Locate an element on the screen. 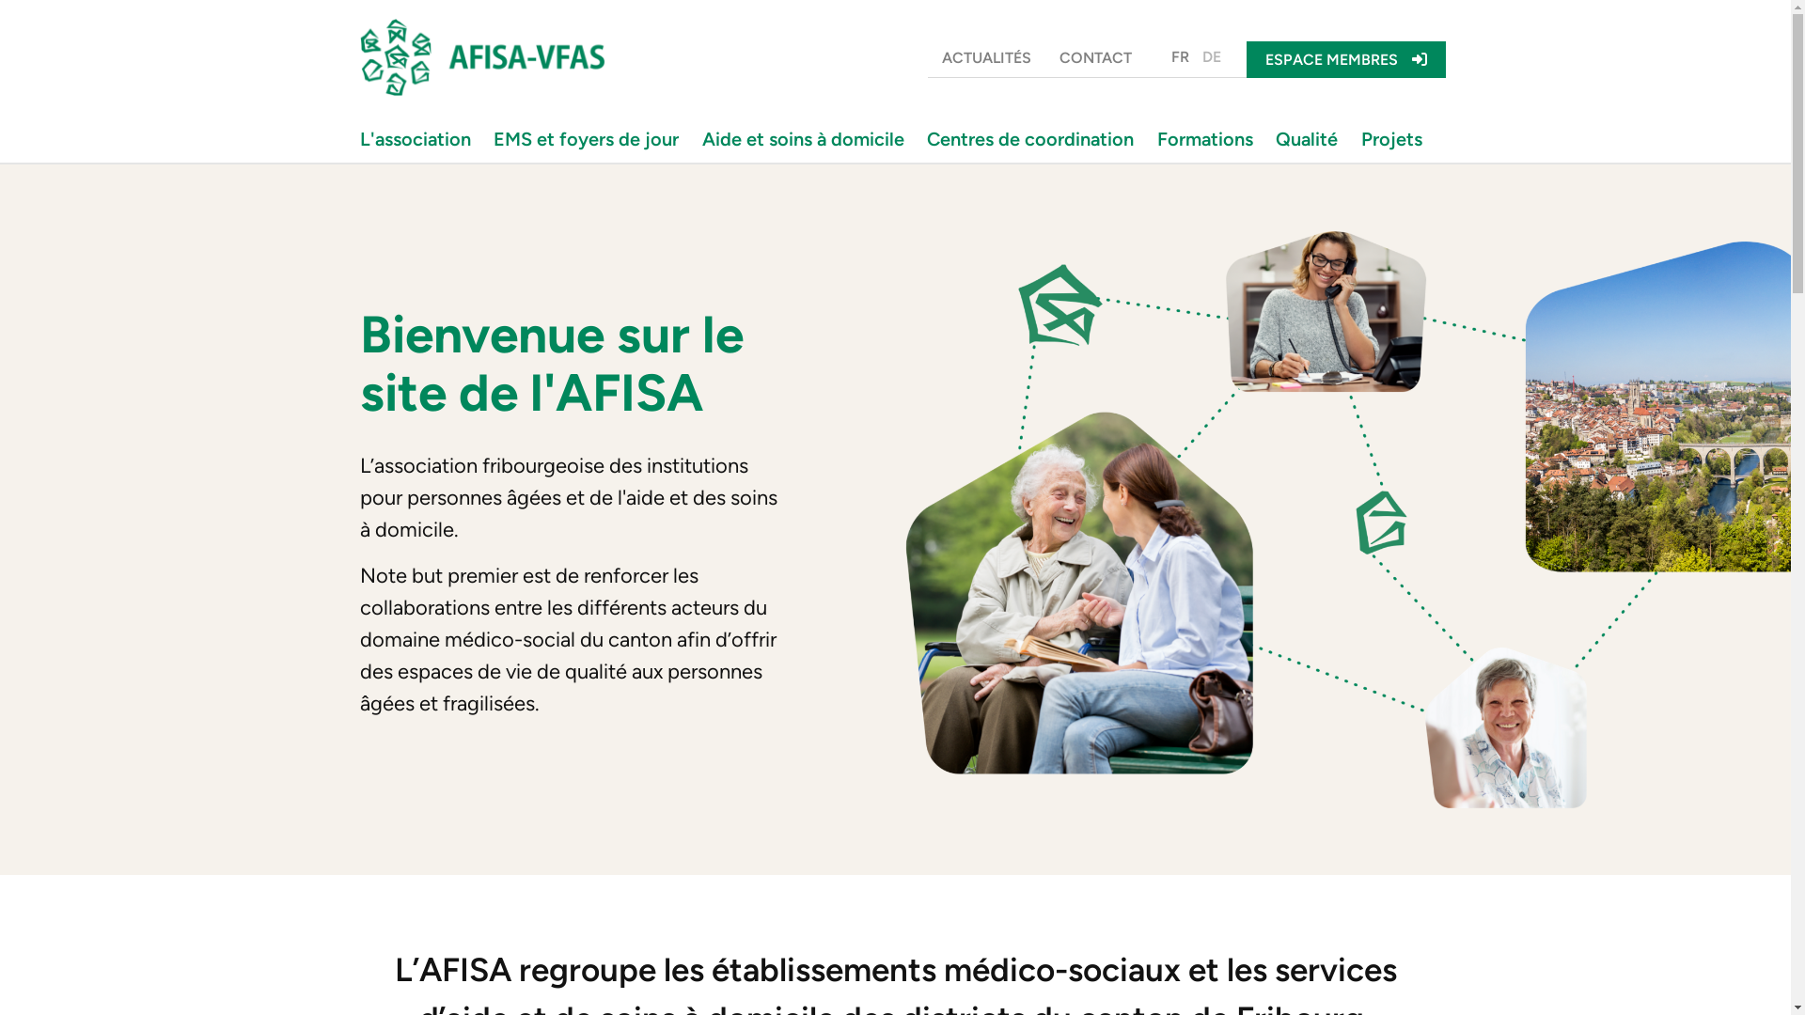  'EMS et foyers de jour' is located at coordinates (589, 137).